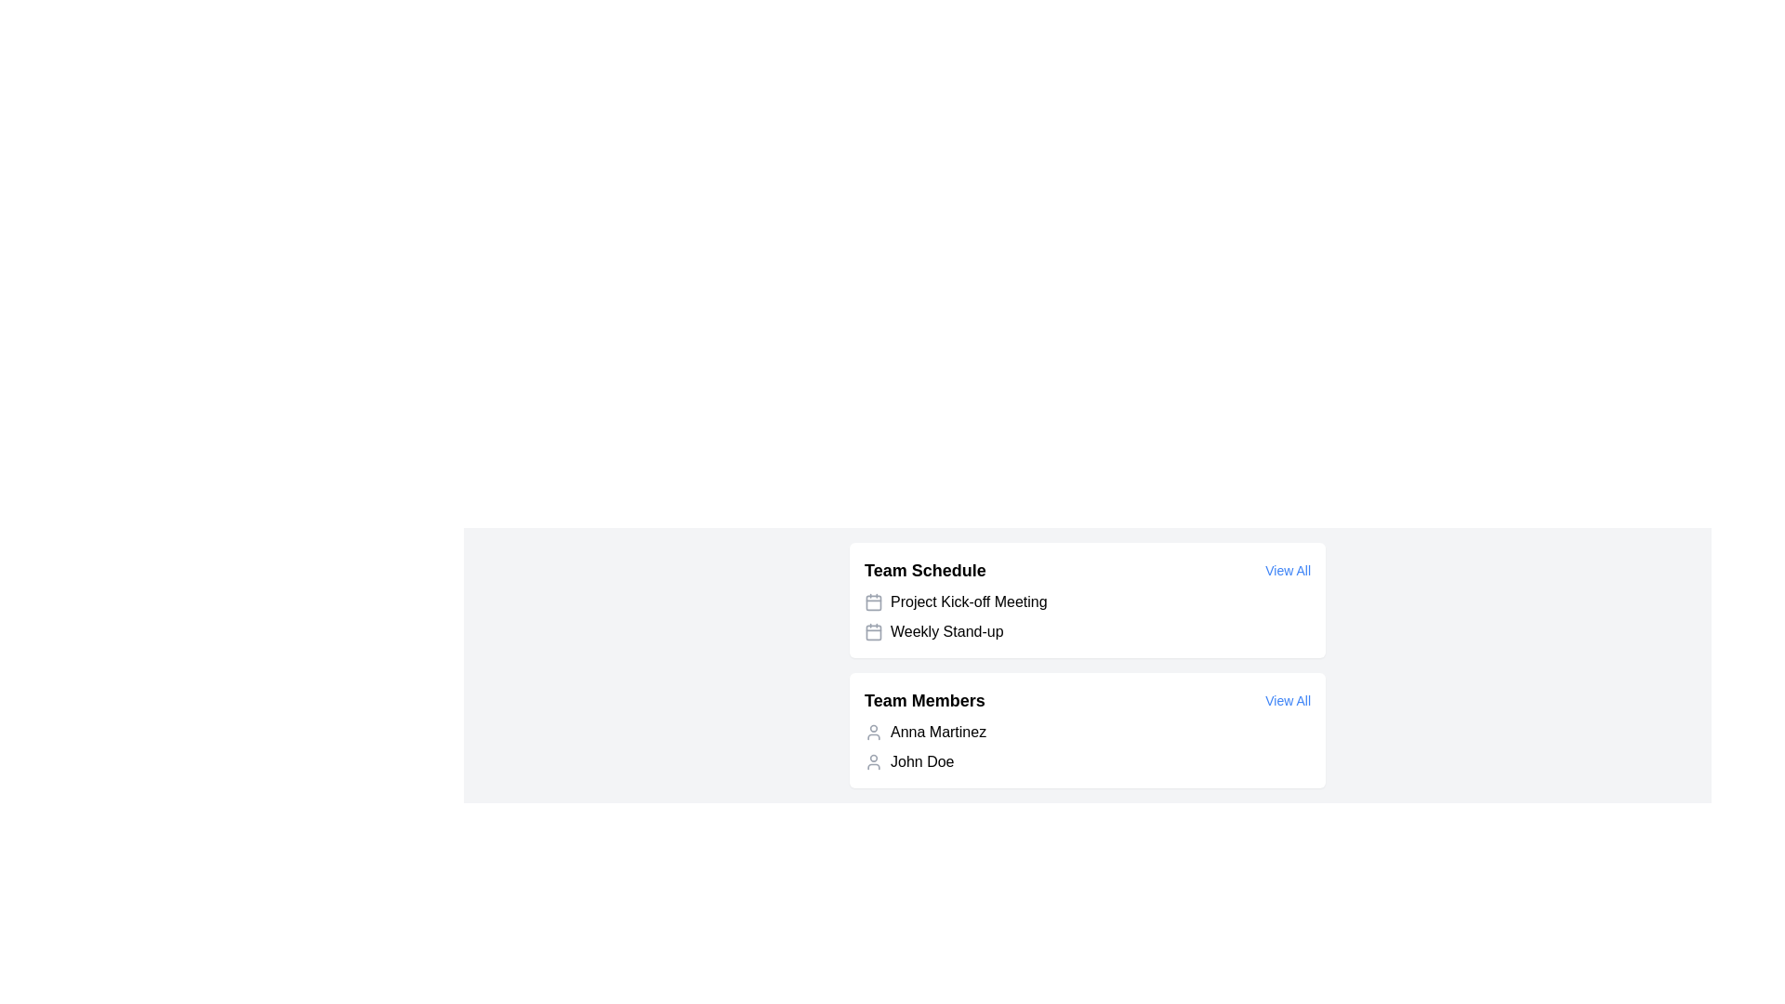  I want to click on the calendar event icon located to the left of the 'Weekly Stand-up' text in the 'Team Schedule' section, which is the second item in the list after 'Project Kick-off Meeting', so click(873, 630).